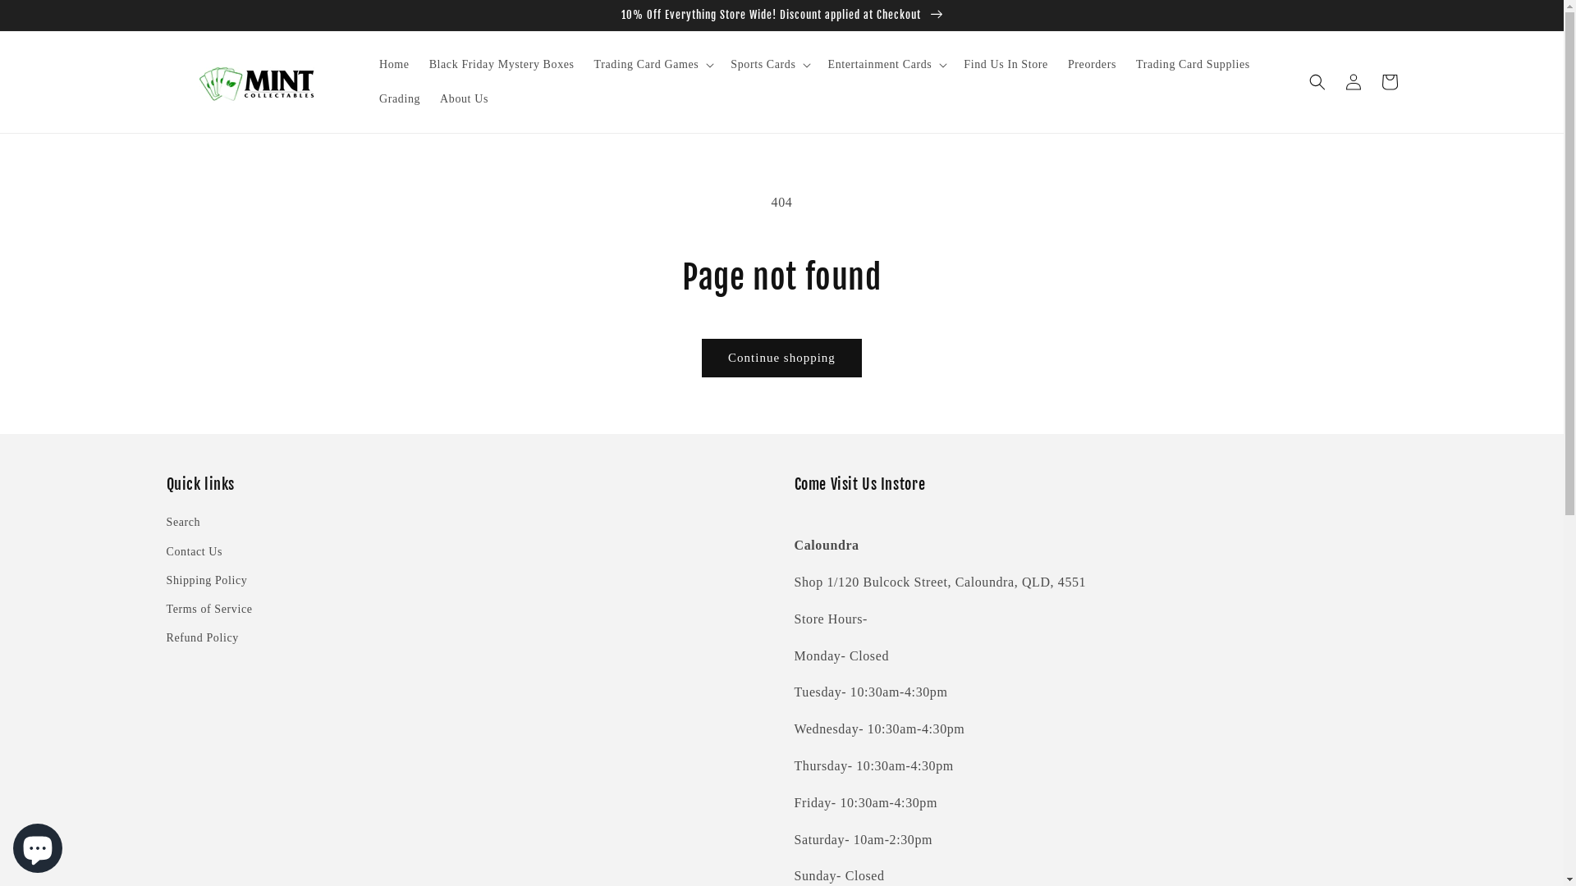 Image resolution: width=1576 pixels, height=886 pixels. I want to click on 'Shipping Policy', so click(165, 579).